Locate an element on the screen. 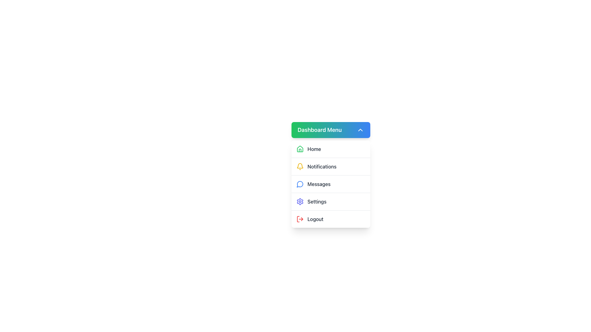 Image resolution: width=591 pixels, height=332 pixels. the toggle button located at the top of the vertically stacked menu layout is located at coordinates (331, 130).